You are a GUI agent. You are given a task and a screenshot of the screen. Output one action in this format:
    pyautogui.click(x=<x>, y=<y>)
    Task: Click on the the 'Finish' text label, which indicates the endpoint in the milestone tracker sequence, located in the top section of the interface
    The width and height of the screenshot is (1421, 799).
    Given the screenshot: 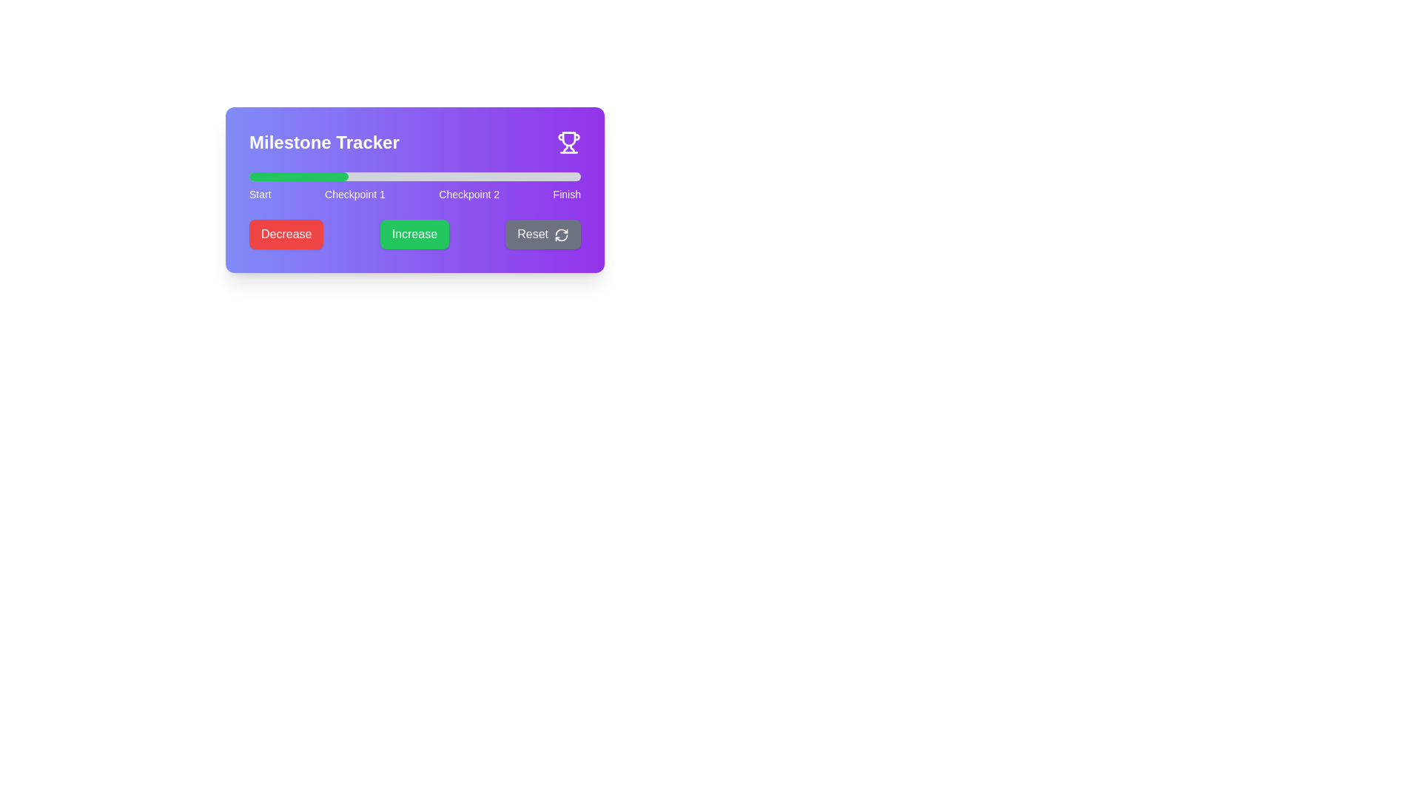 What is the action you would take?
    pyautogui.click(x=566, y=193)
    